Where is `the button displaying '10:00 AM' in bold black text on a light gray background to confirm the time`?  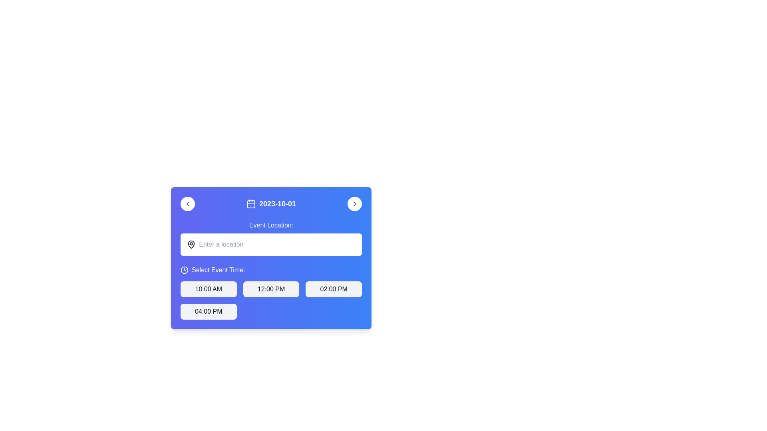 the button displaying '10:00 AM' in bold black text on a light gray background to confirm the time is located at coordinates (209, 289).